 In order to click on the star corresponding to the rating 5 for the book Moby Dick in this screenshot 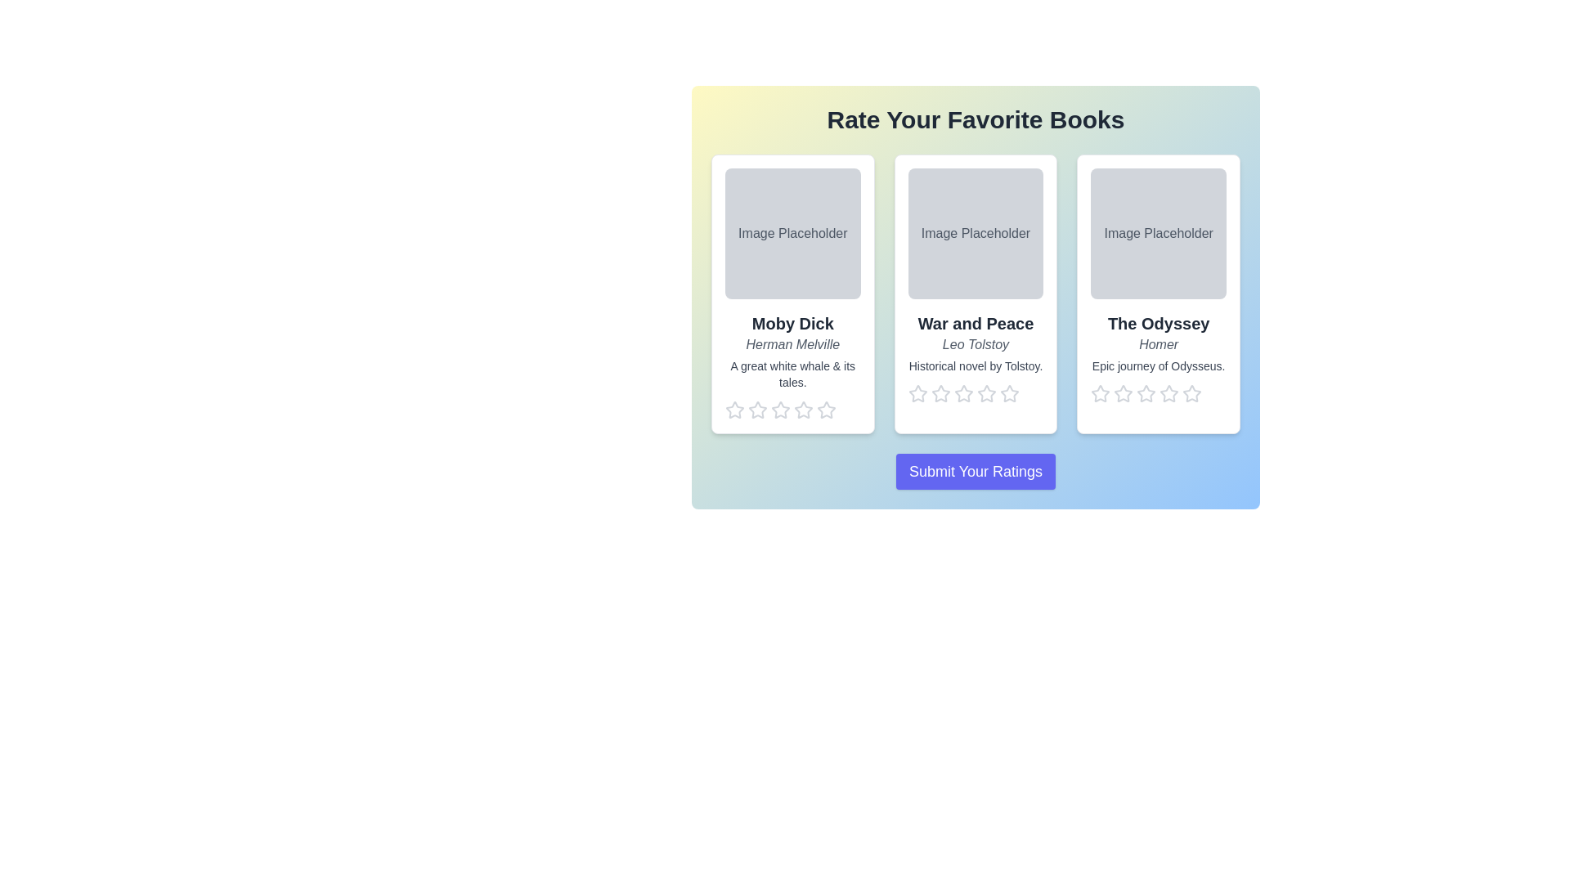, I will do `click(827, 409)`.